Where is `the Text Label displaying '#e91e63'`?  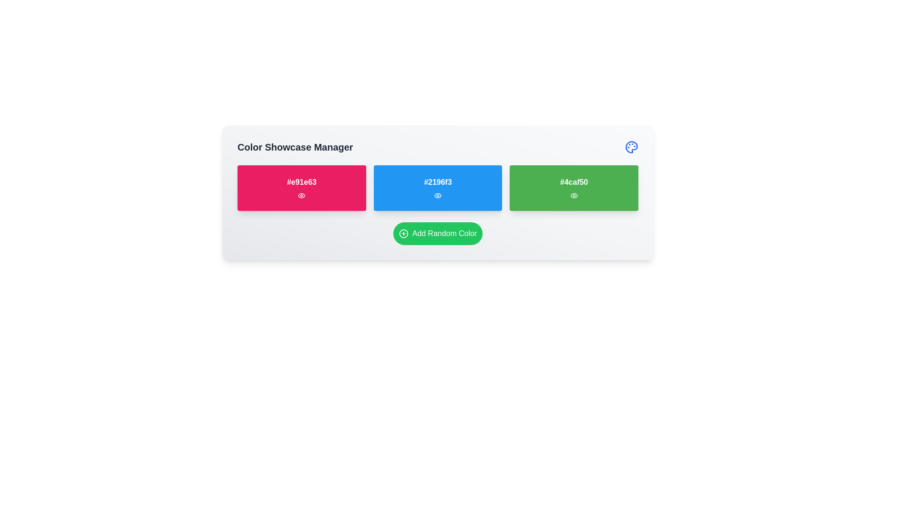 the Text Label displaying '#e91e63' is located at coordinates (301, 182).